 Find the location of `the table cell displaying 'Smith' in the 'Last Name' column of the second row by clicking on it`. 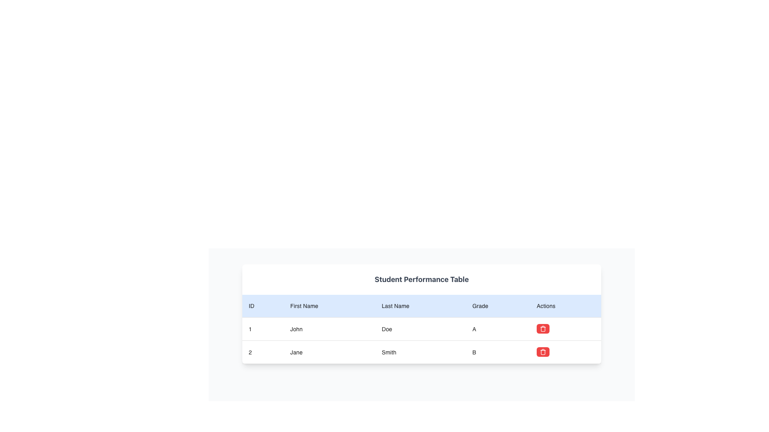

the table cell displaying 'Smith' in the 'Last Name' column of the second row by clicking on it is located at coordinates (420, 352).